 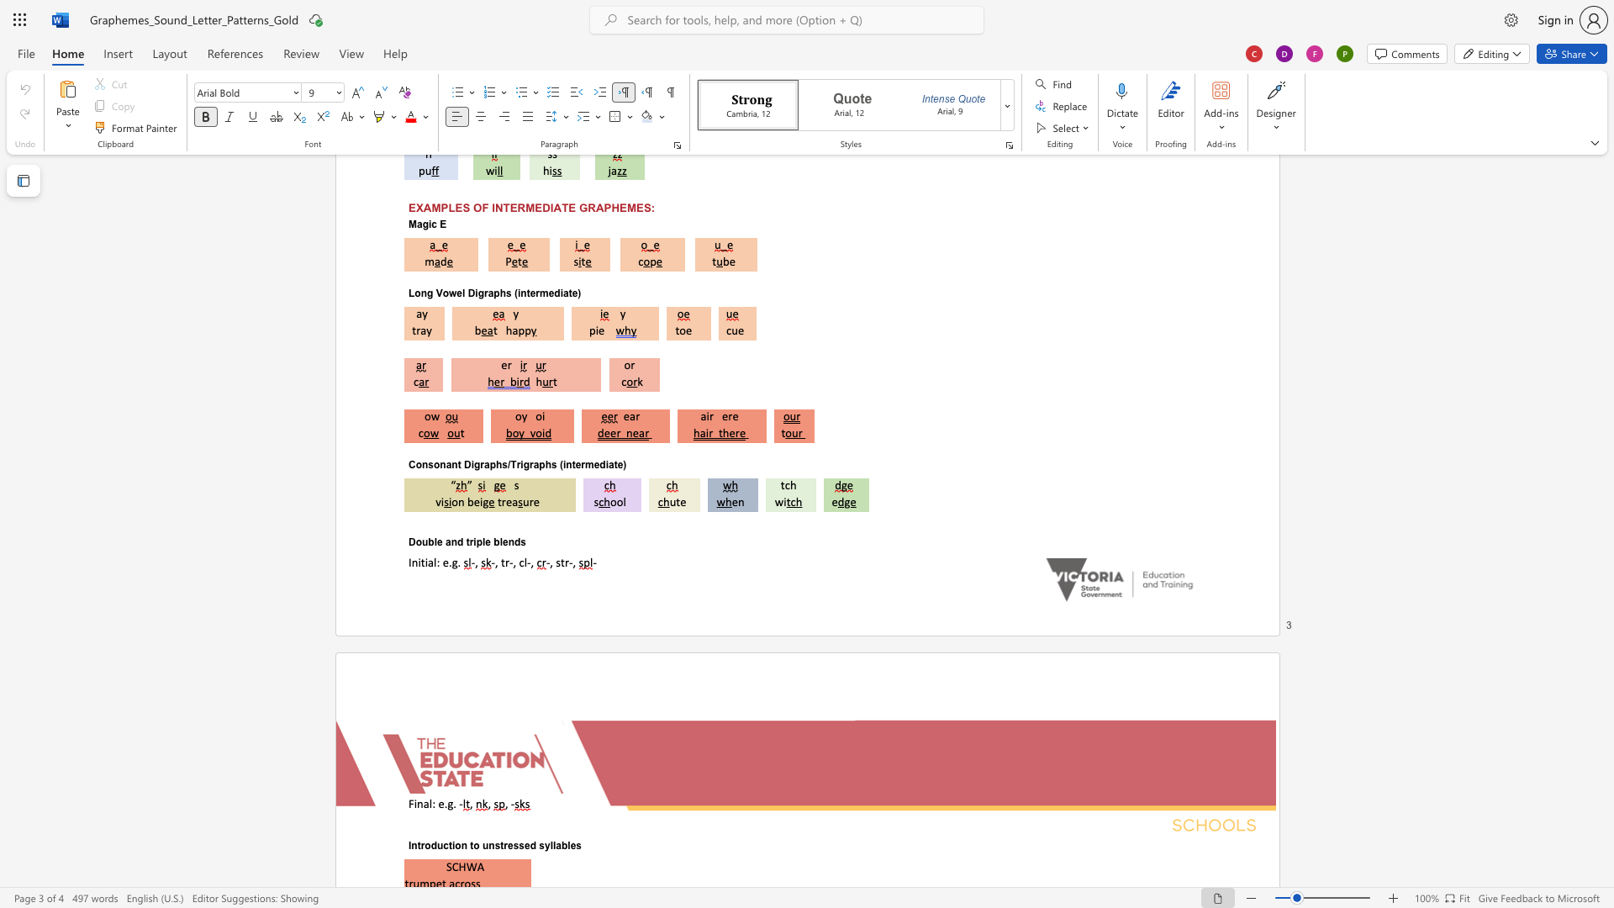 I want to click on the 1th character "i" in the text, so click(x=474, y=541).